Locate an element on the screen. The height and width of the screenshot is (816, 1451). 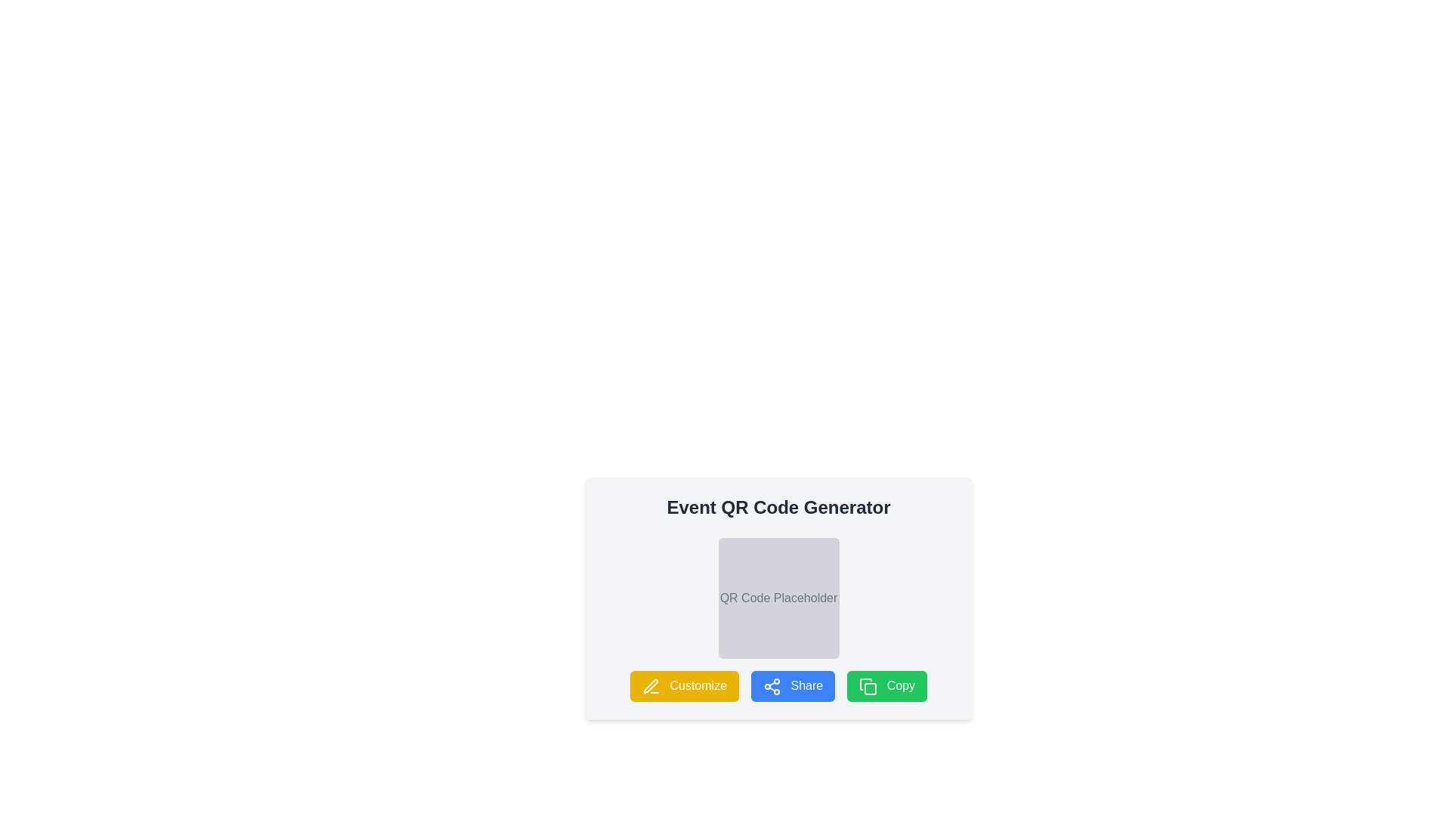
the text label that reads 'QR Code Placeholder', which is centrally positioned within a rounded gray box beneath the 'Event QR Code Generator' heading is located at coordinates (778, 597).